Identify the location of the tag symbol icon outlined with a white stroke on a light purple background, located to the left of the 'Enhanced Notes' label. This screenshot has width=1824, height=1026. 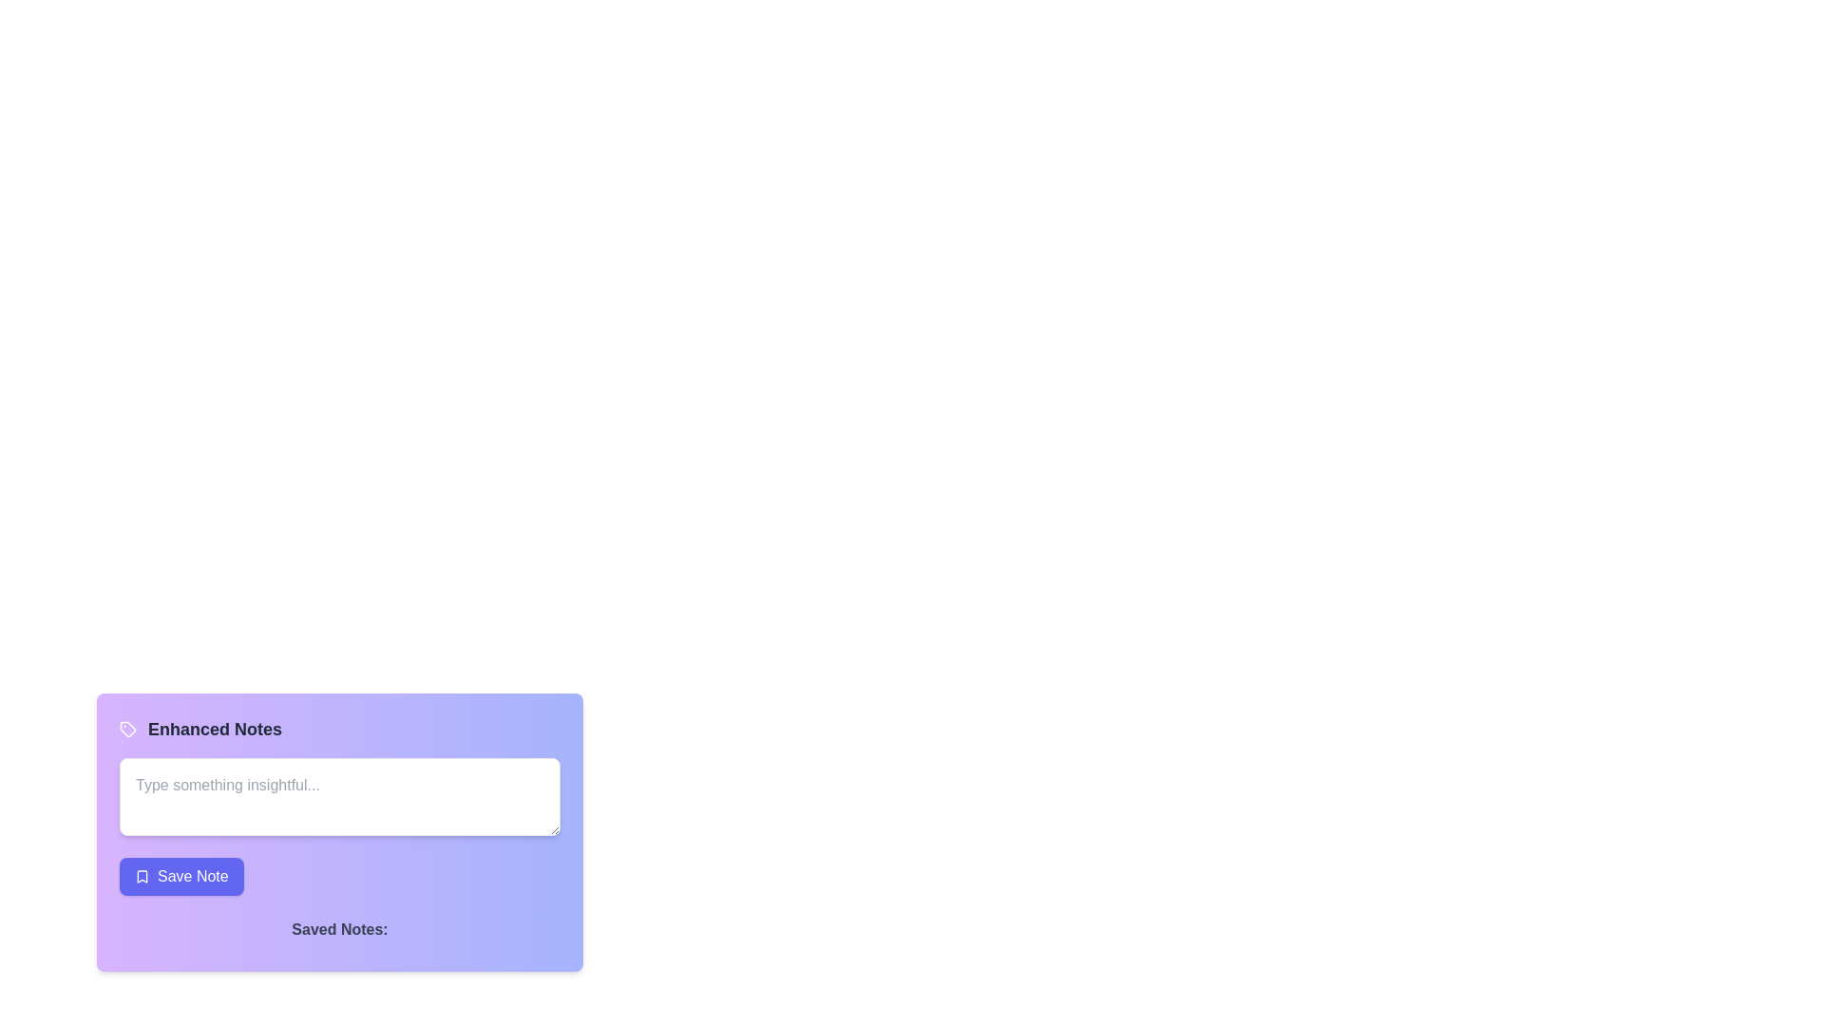
(126, 728).